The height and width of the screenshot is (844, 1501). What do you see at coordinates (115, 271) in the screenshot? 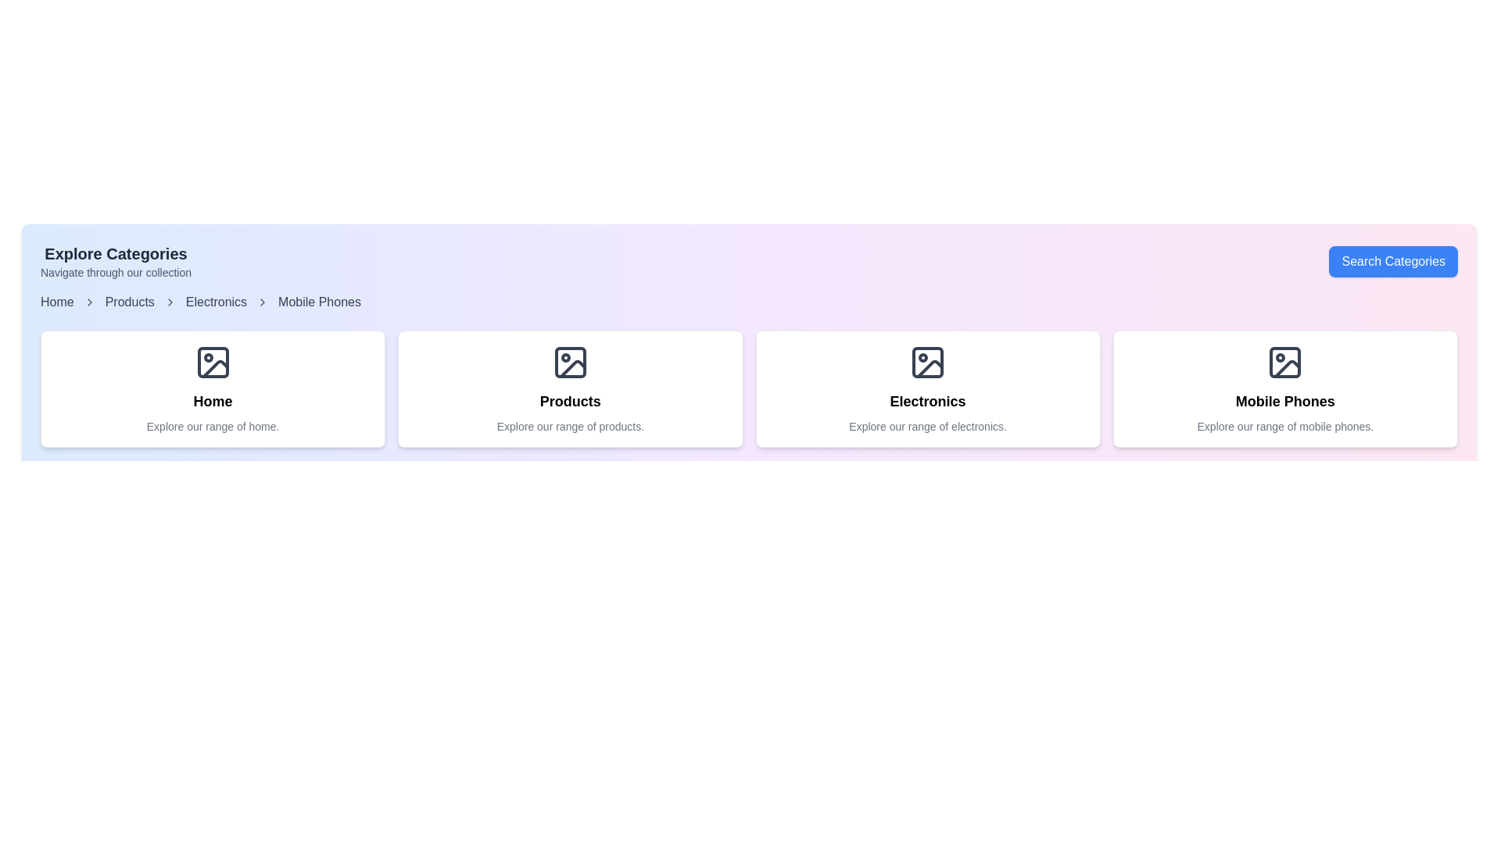
I see `the small gray text element that reads 'Navigate through our collection', which is located directly below the heading 'Explore Categories'` at bounding box center [115, 271].